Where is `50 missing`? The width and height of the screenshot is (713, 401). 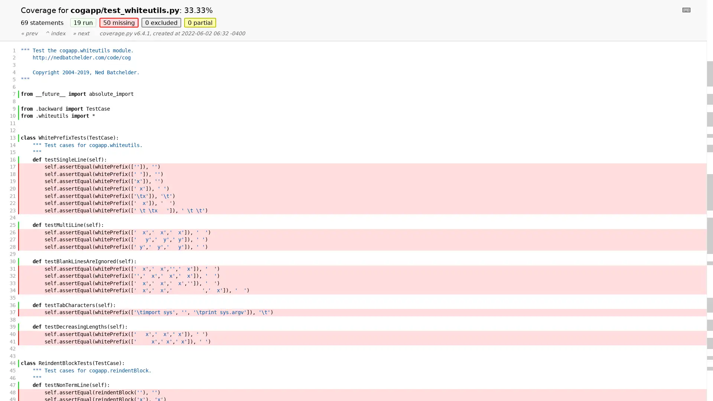 50 missing is located at coordinates (118, 22).